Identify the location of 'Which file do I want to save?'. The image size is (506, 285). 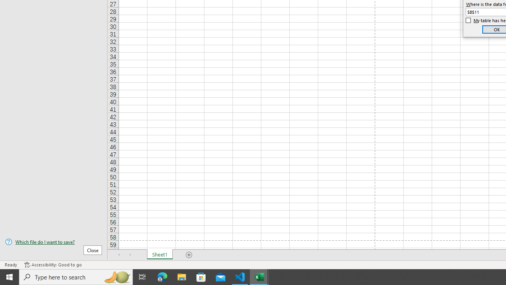
(53, 241).